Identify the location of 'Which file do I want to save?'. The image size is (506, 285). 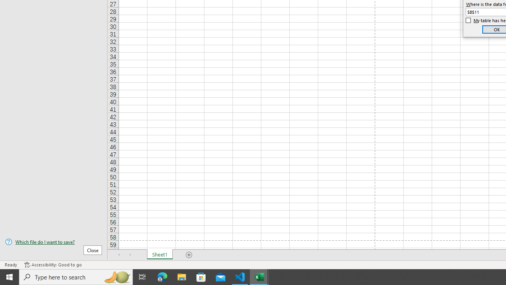
(53, 241).